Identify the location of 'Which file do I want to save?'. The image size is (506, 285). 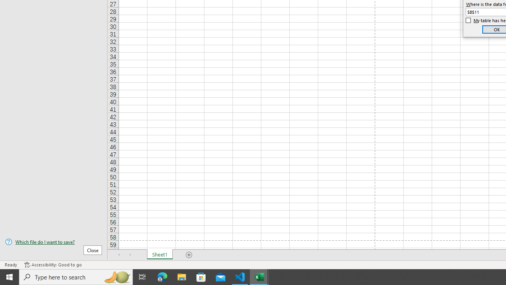
(53, 241).